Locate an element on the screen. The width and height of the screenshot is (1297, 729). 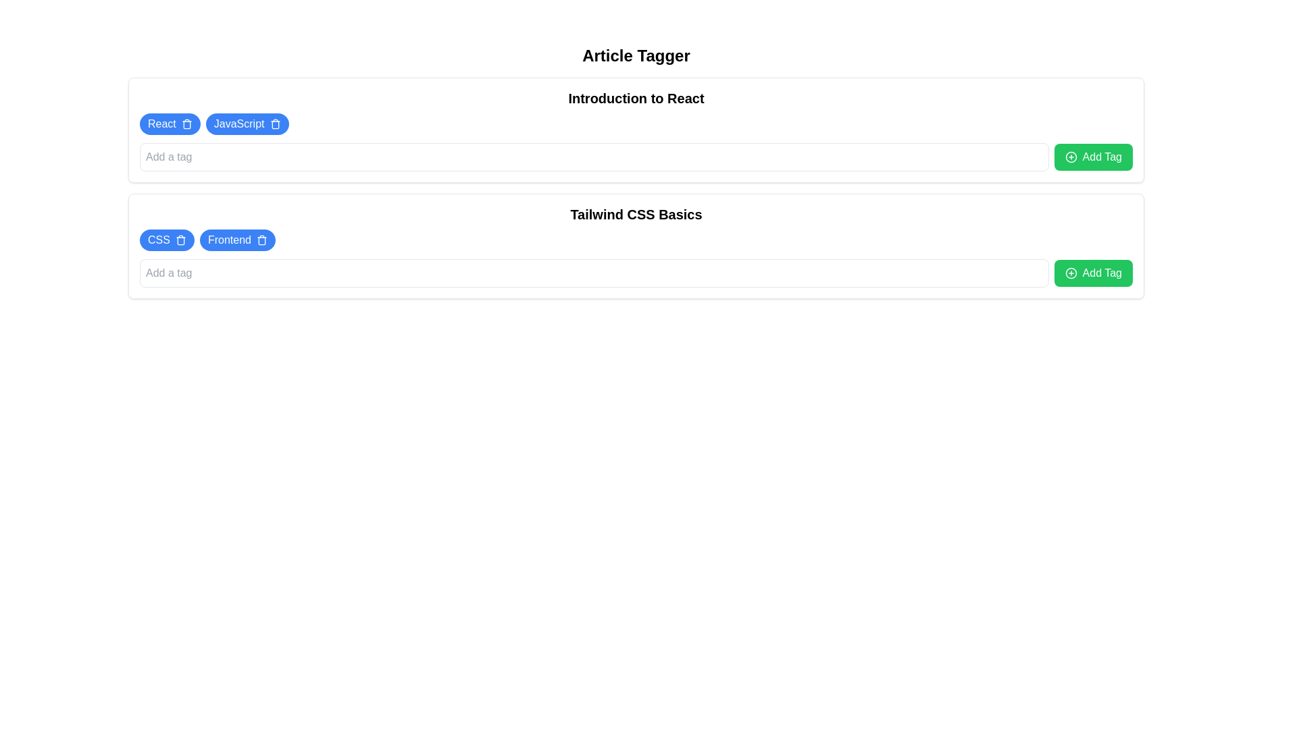
the trash icon button, which is styled in white and used for deletion, located to the right of the 'React' text within a blue rounded button is located at coordinates (186, 124).